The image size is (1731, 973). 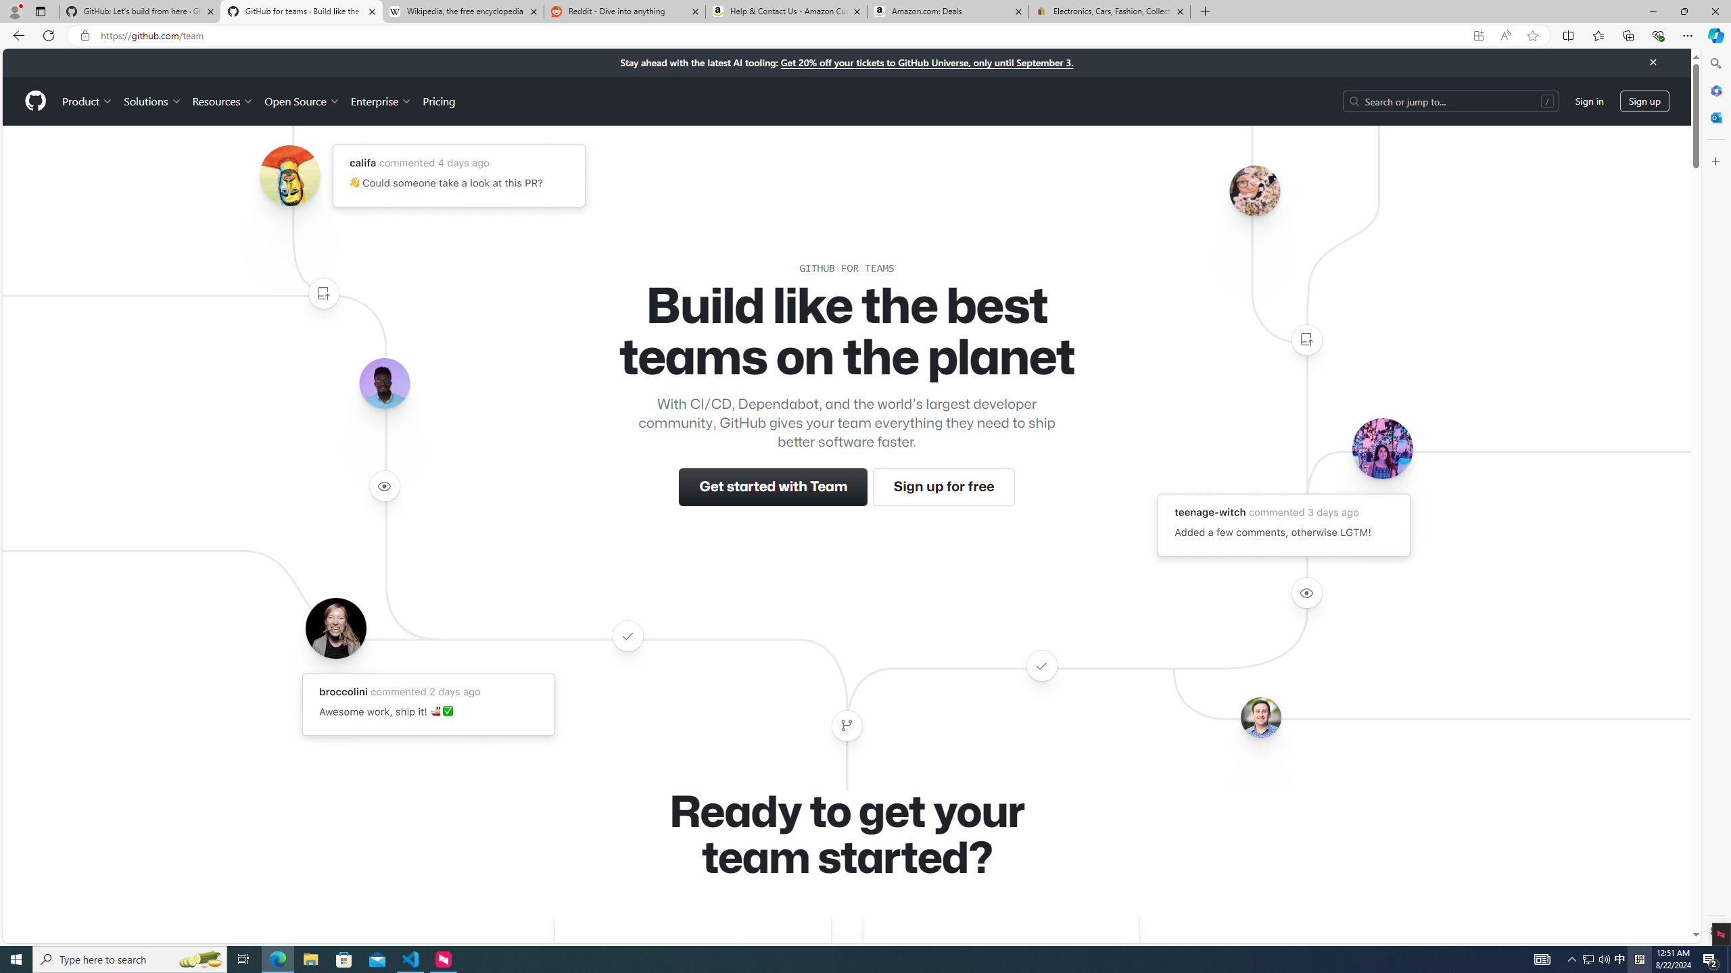 What do you see at coordinates (303, 101) in the screenshot?
I see `'Open Source'` at bounding box center [303, 101].